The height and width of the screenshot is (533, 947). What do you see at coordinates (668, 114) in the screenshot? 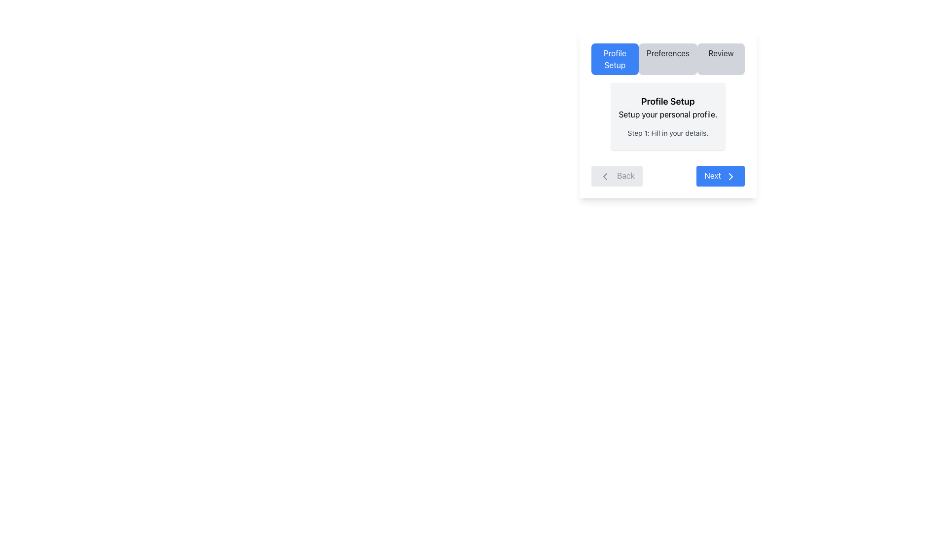
I see `the static text element that states 'Setup your personal profile.' which is positioned below the title 'Profile Setup.'` at bounding box center [668, 114].